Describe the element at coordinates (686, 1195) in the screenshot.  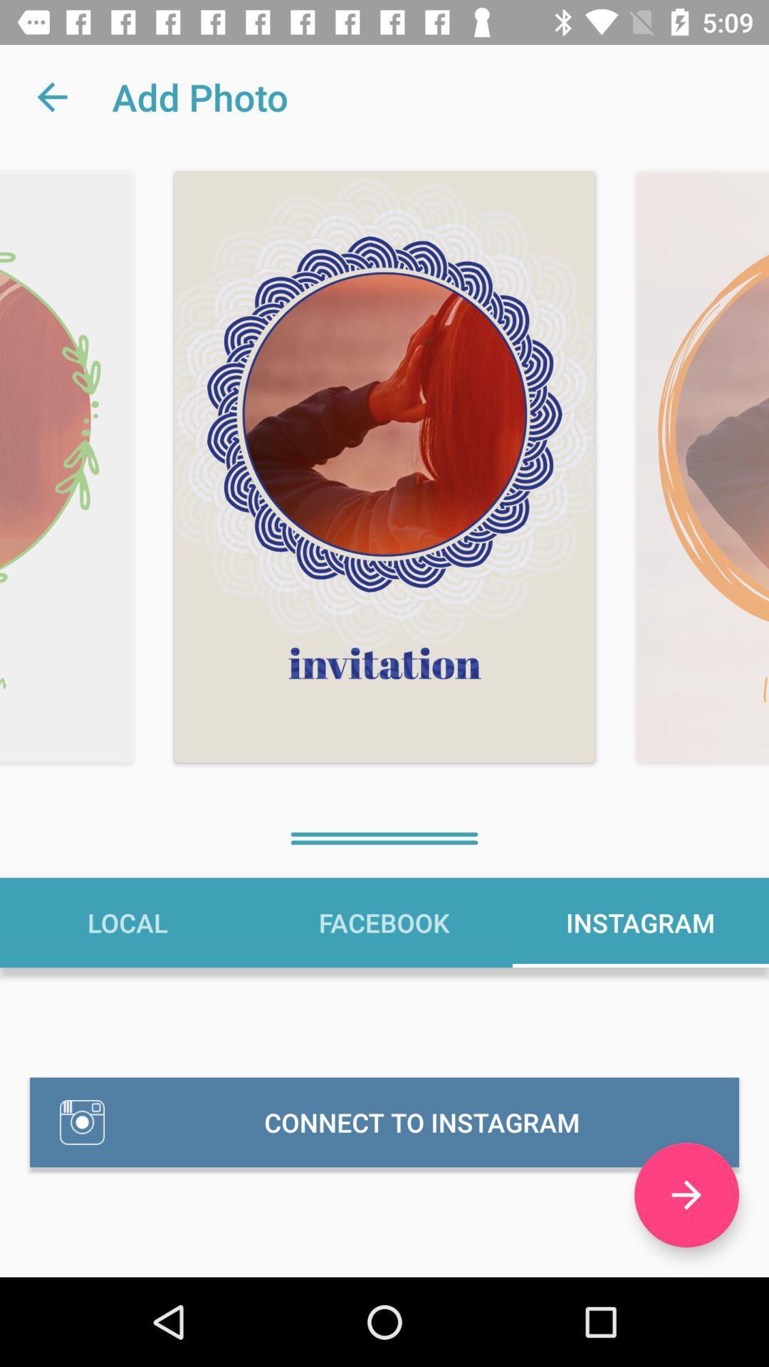
I see `the item below the instagram item` at that location.